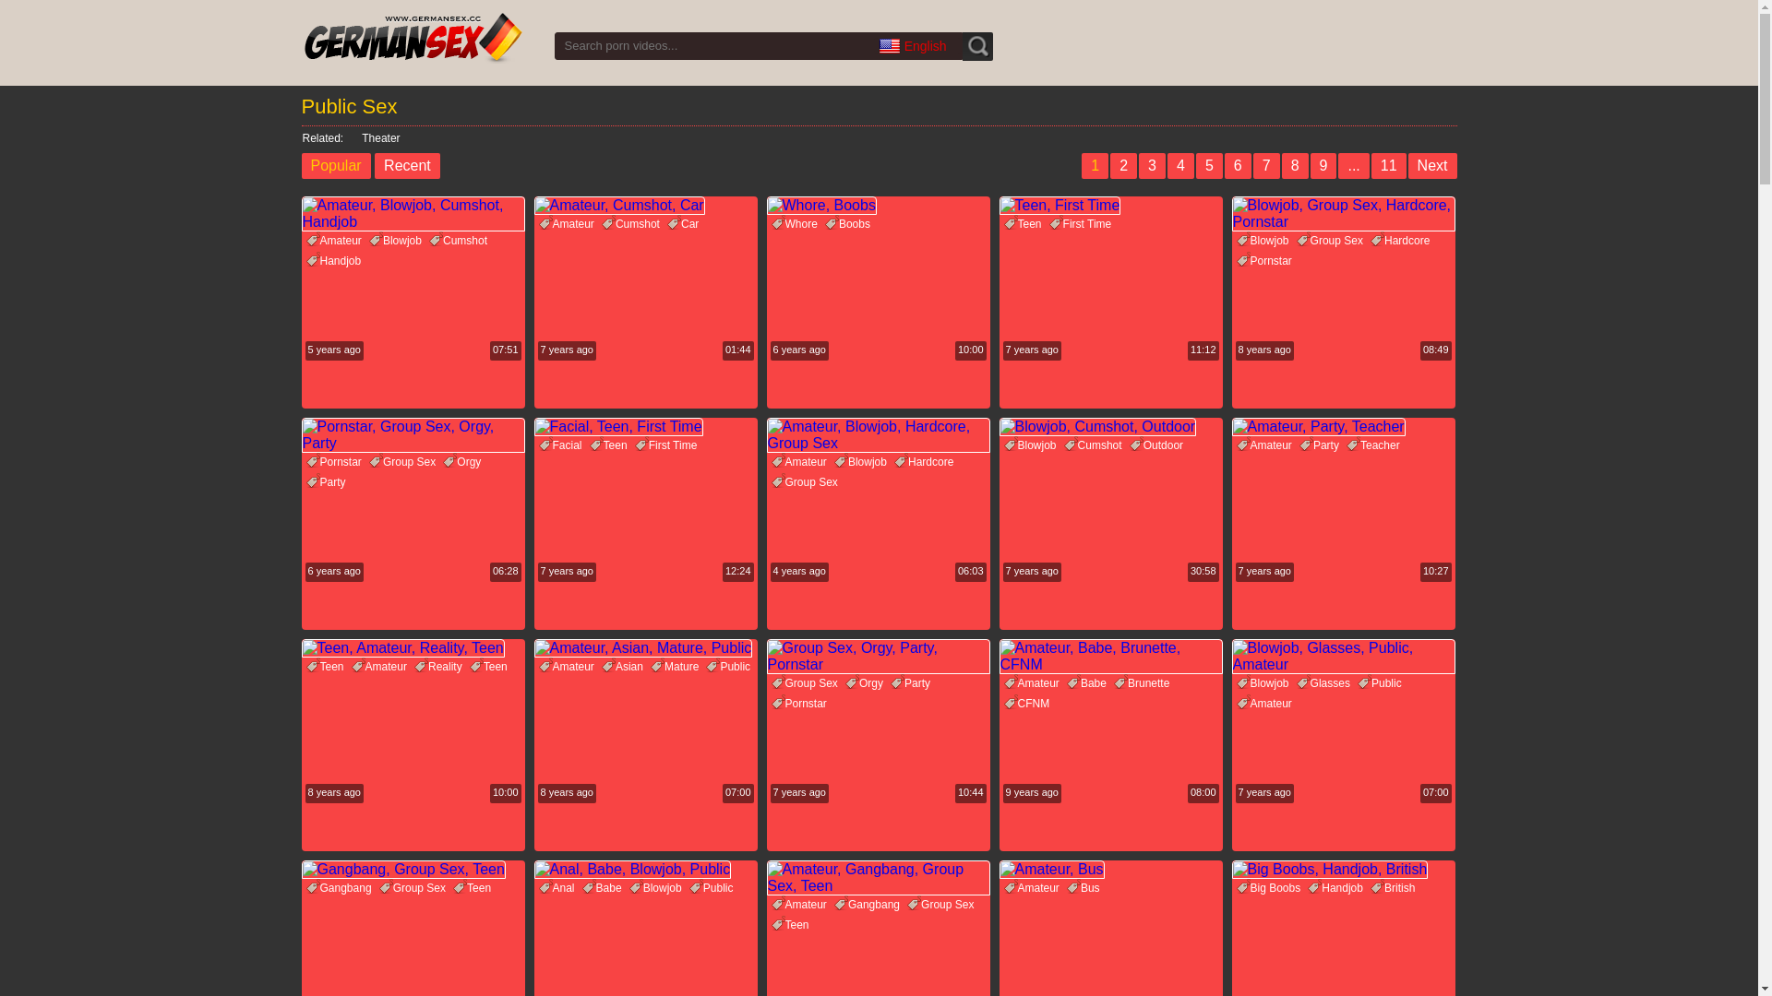 The height and width of the screenshot is (996, 1772). Describe the element at coordinates (1389, 166) in the screenshot. I see `'11'` at that location.